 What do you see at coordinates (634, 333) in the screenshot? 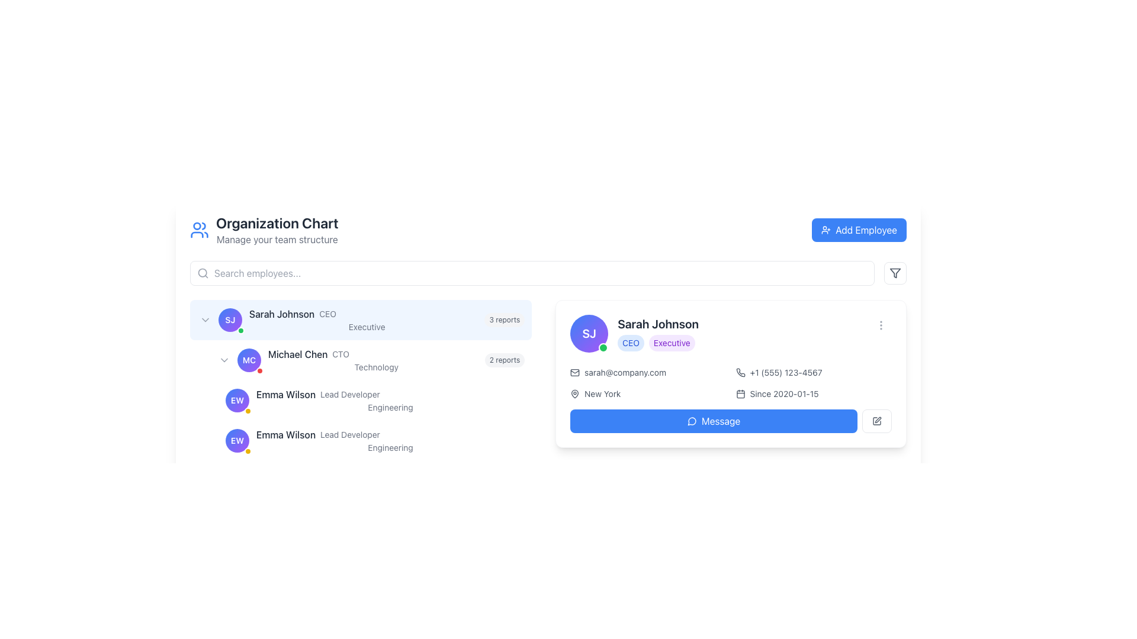
I see `the profile name 'Sarah Johnson' or the labels 'CEO' and 'Executive' in the Profile header located in the upper right-side card` at bounding box center [634, 333].